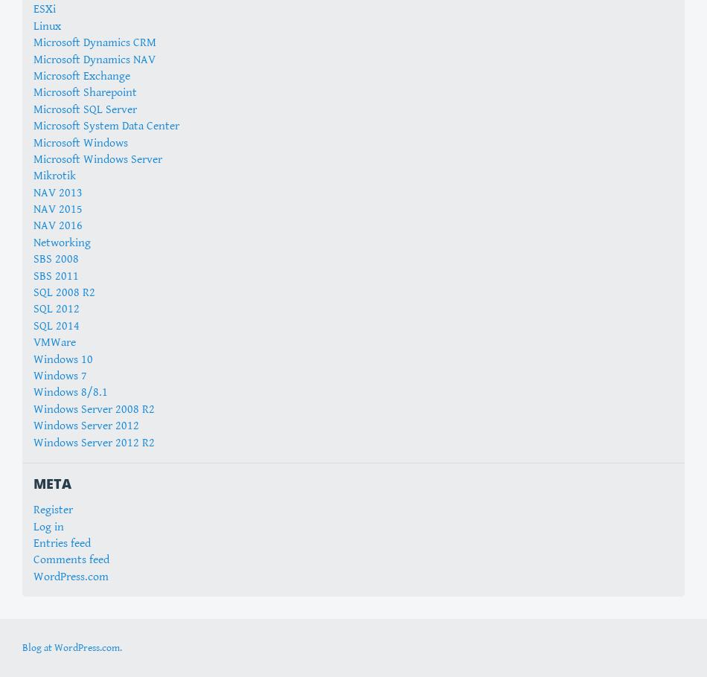 This screenshot has width=707, height=677. I want to click on 'Windows 7', so click(60, 375).